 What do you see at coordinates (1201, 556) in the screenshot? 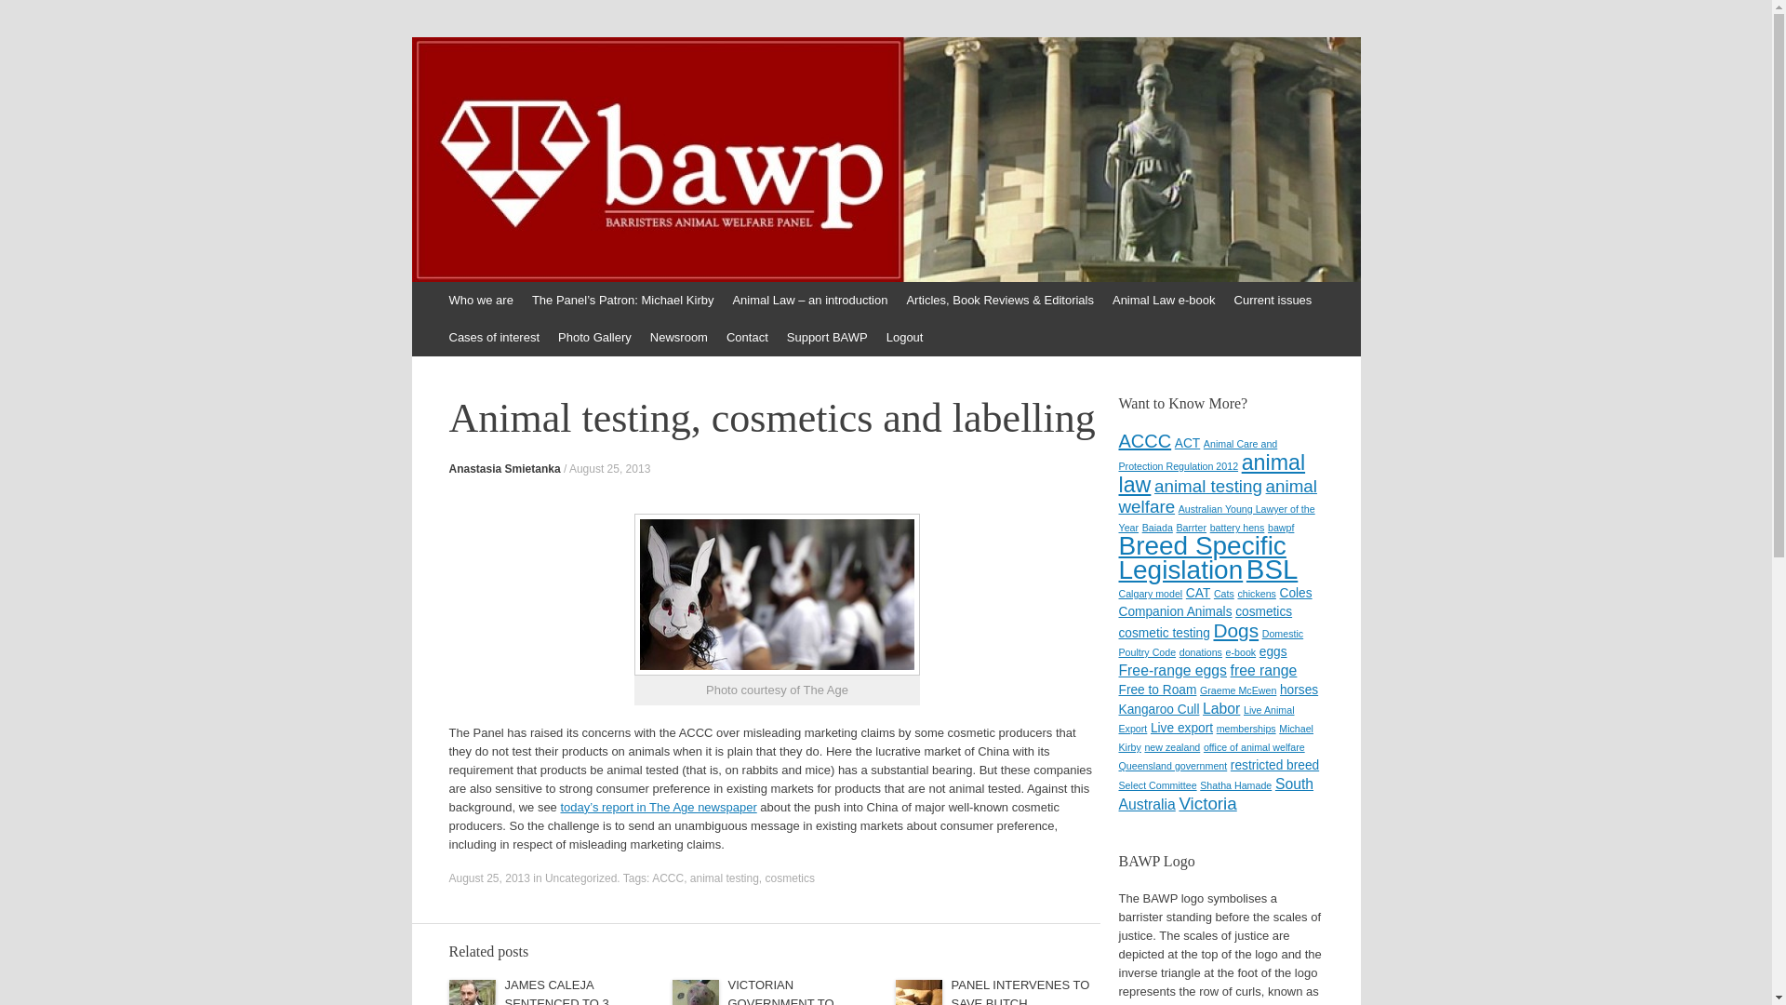
I see `'Breed Specific Legislation'` at bounding box center [1201, 556].